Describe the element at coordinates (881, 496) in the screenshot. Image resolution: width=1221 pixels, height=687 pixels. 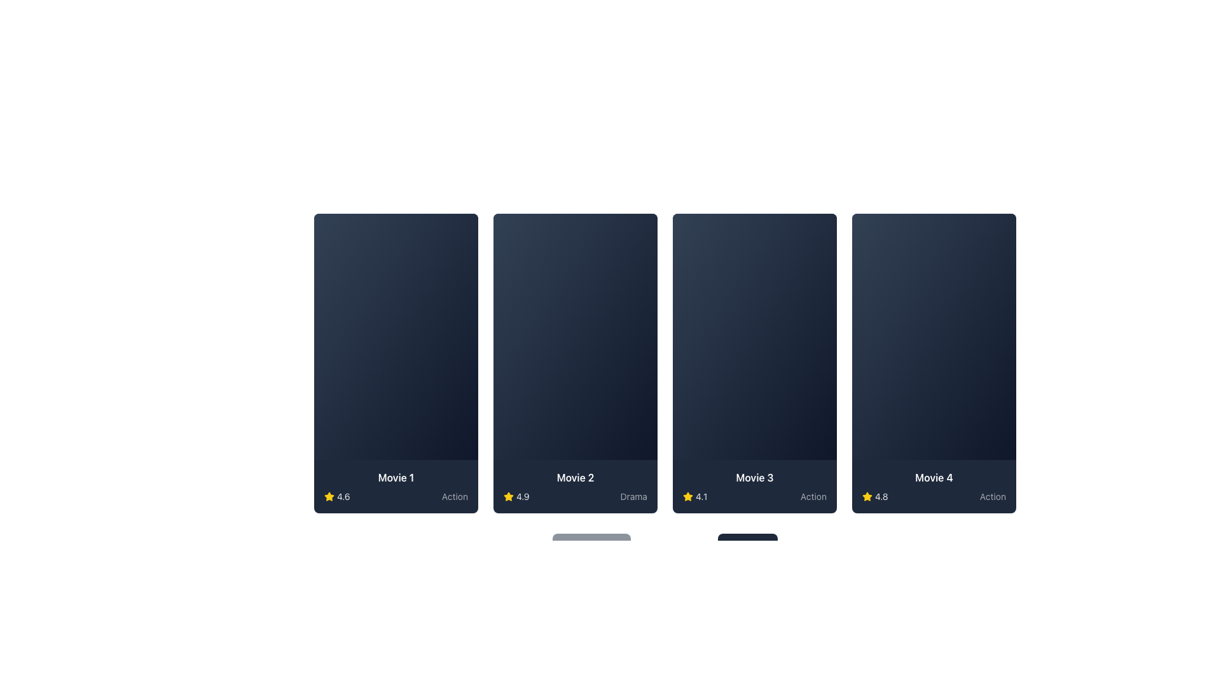
I see `text label displaying '4.8' in gray font, which is part of the Movie 4 rating group and located adjacent to a star icon, for readability` at that location.